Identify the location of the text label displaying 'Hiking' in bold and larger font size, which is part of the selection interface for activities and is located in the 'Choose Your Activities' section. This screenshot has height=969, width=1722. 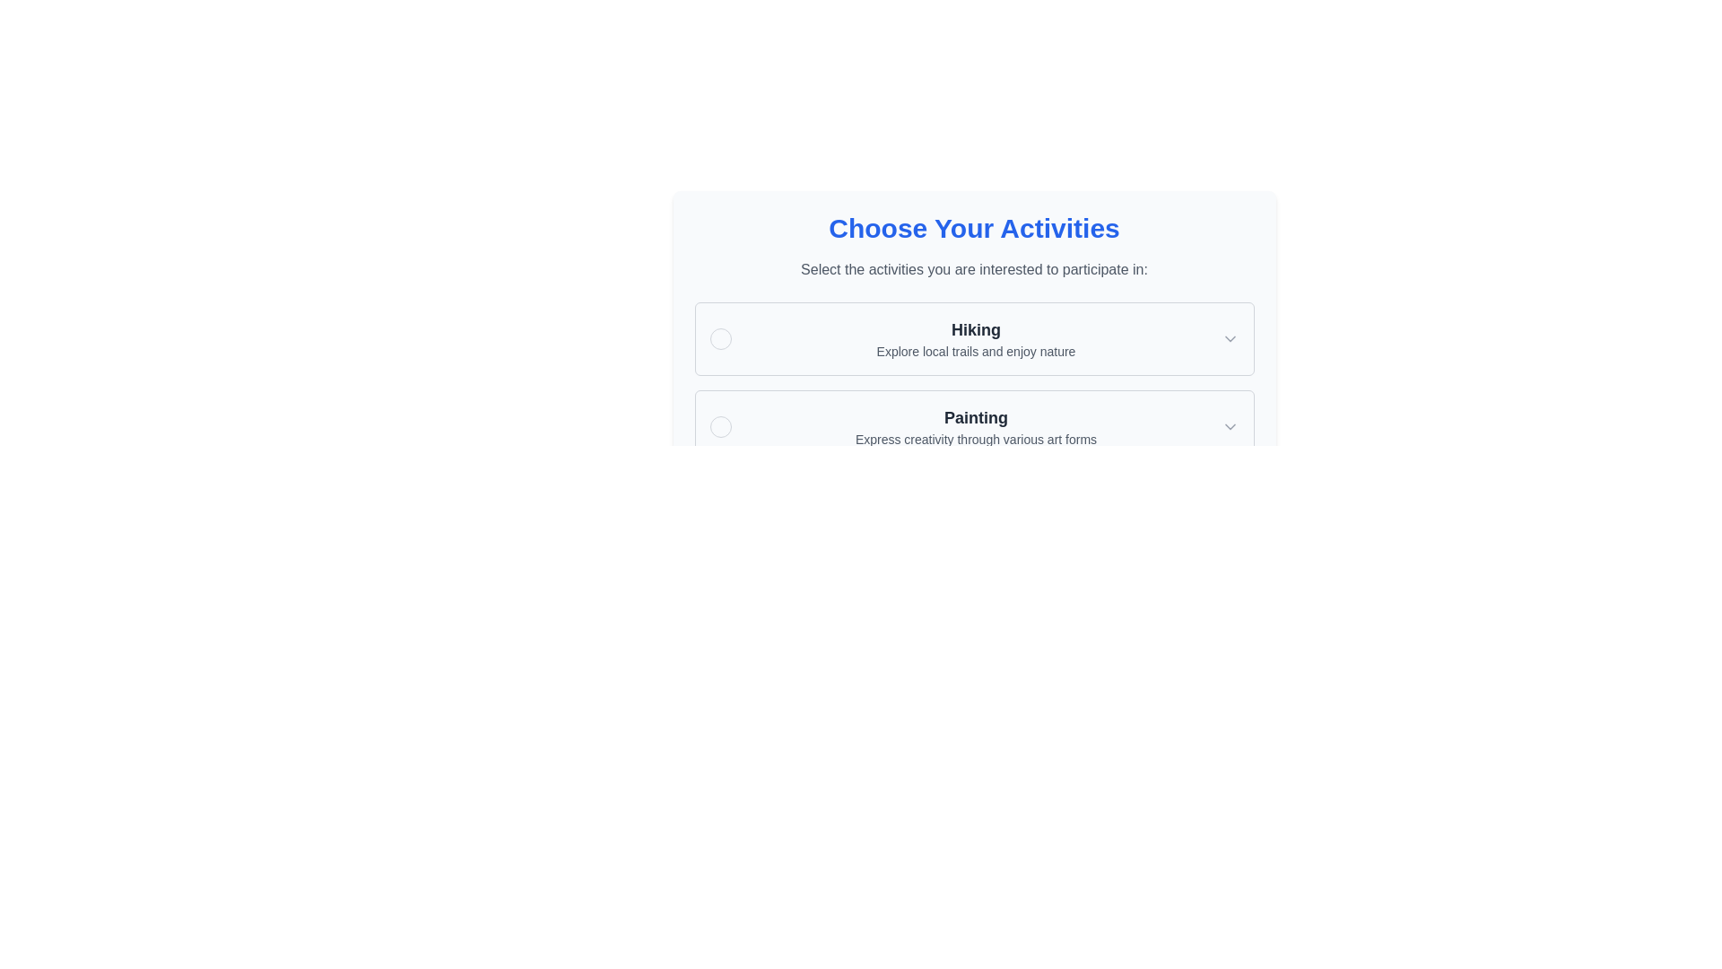
(975, 329).